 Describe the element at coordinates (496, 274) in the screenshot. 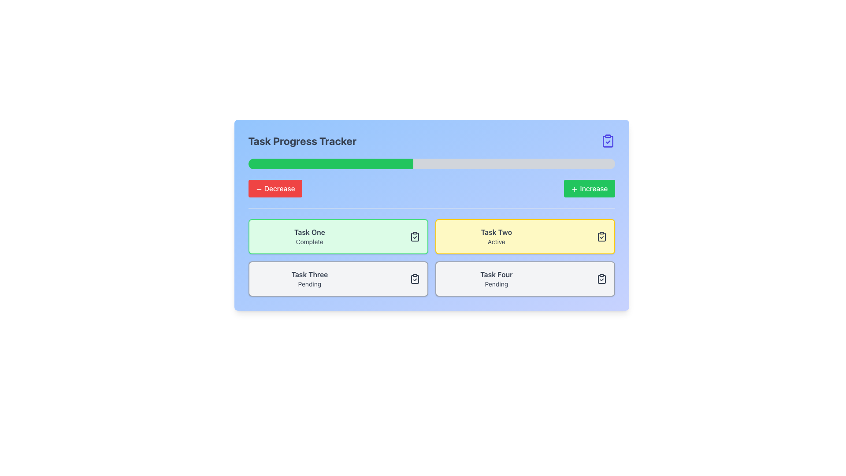

I see `the 'Task Four' text label, which is bold and dark on a light gray background, located in the bottom-right corner of the grid layout` at that location.